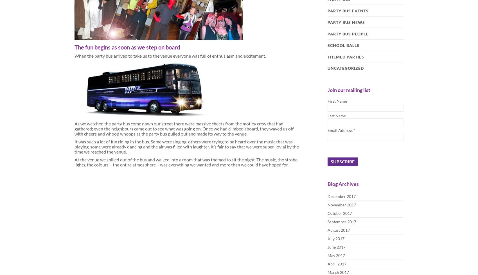 This screenshot has height=275, width=478. I want to click on 'The fun begins as soon as we step on board', so click(127, 47).